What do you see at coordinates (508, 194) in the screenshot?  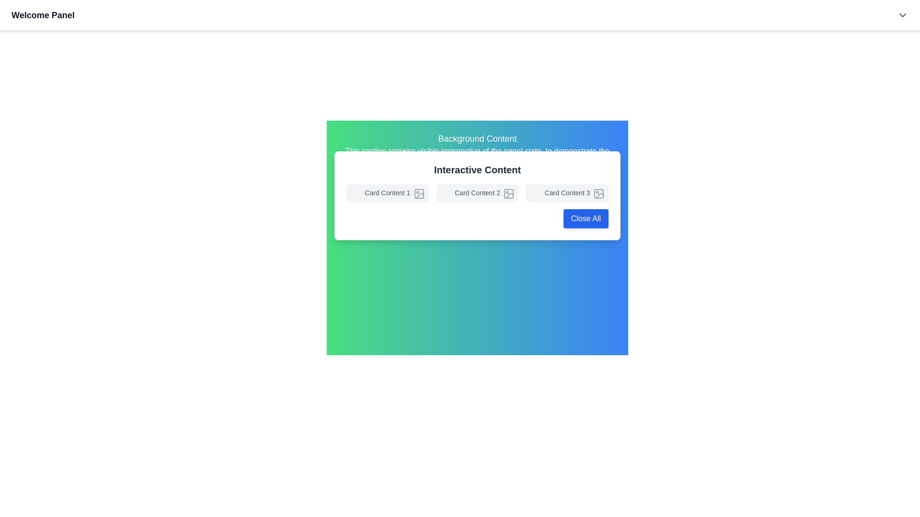 I see `graphical illustration or SVG rectangle representing the photo or image in the top-right corner of the second card icon` at bounding box center [508, 194].